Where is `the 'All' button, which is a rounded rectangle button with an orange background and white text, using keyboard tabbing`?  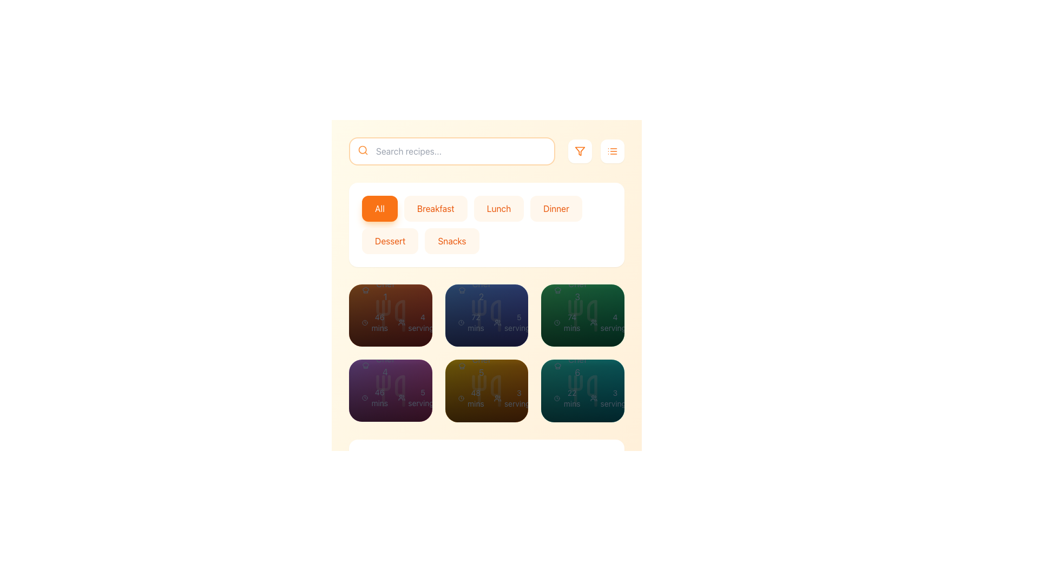 the 'All' button, which is a rounded rectangle button with an orange background and white text, using keyboard tabbing is located at coordinates (379, 208).